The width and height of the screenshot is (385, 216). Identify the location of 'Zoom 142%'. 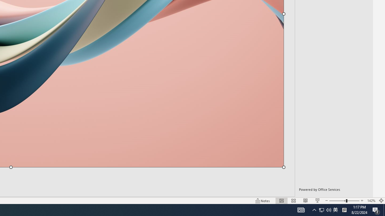
(371, 201).